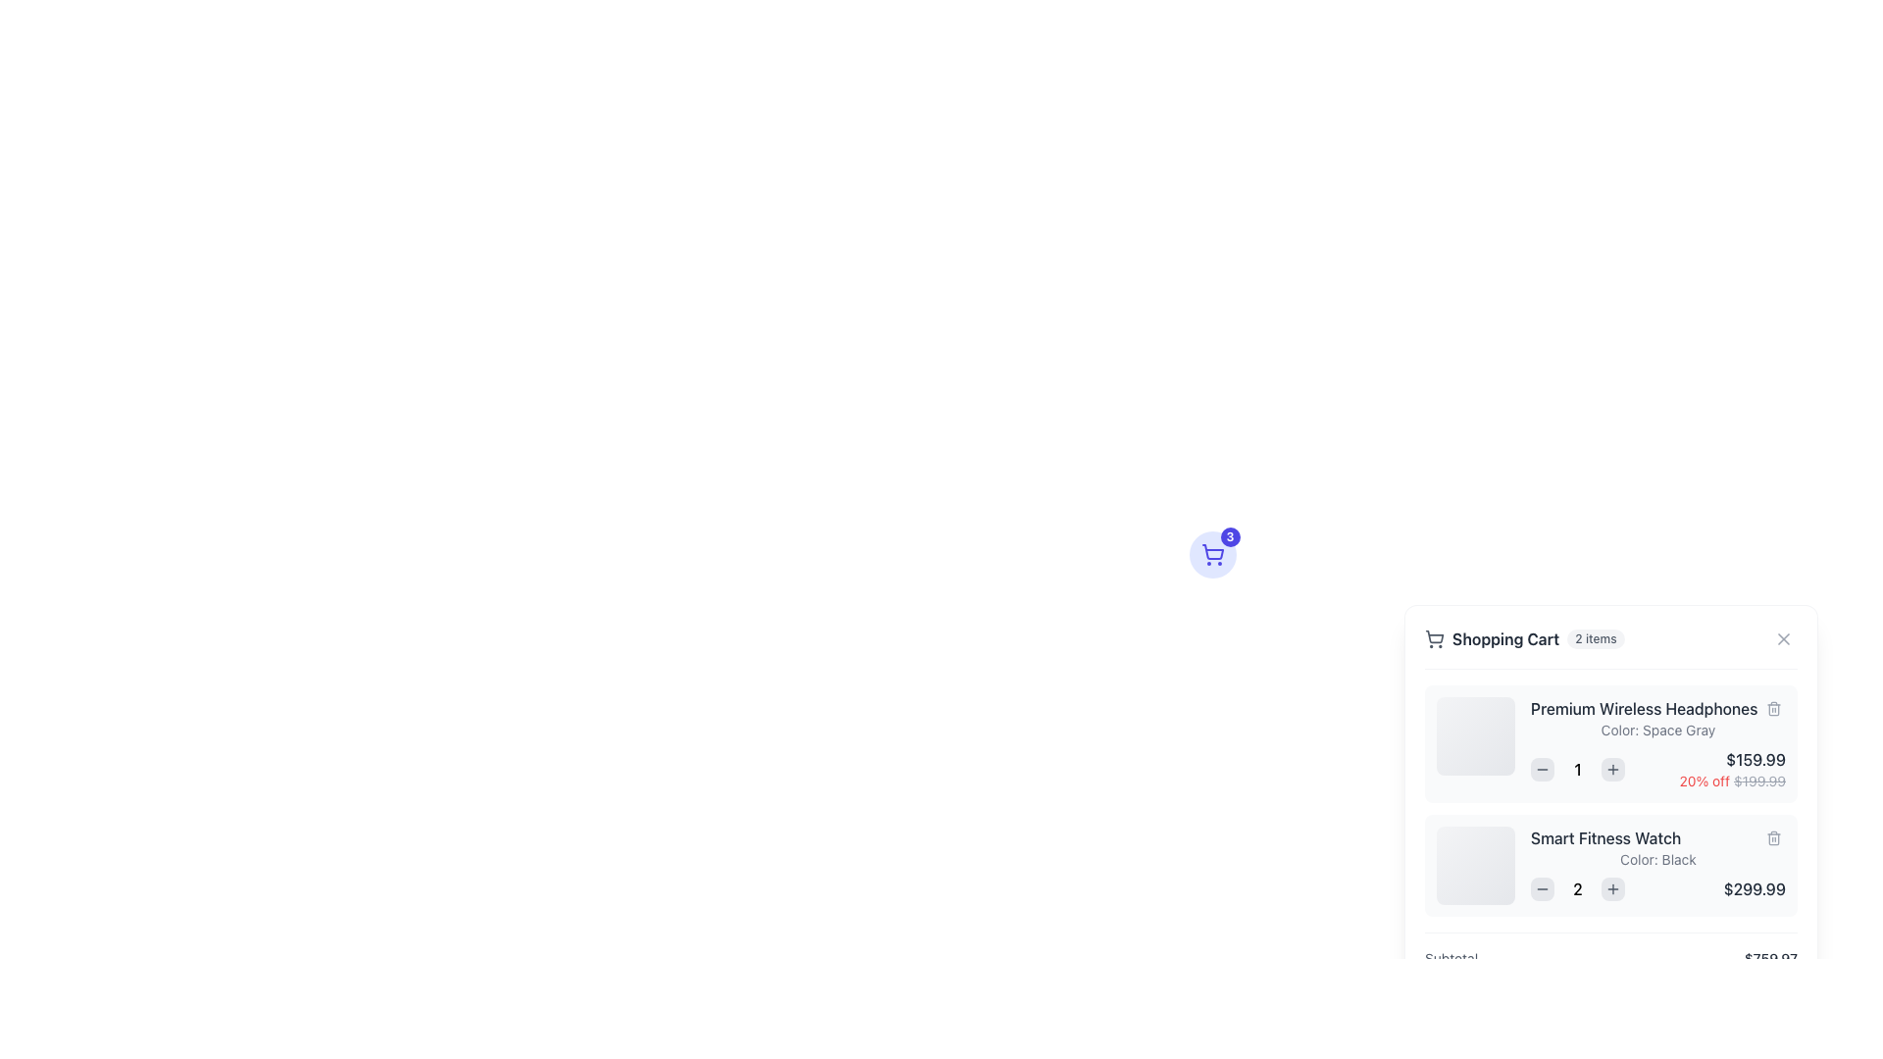 This screenshot has height=1059, width=1883. I want to click on the Counter badge located at the upper-right corner of the shopping cart button, which displays the number of items or alerts related to the shopping cart action, so click(1229, 536).